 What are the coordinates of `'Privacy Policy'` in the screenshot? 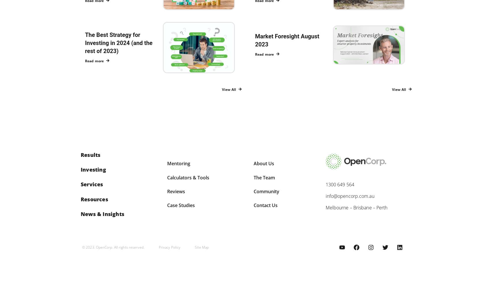 It's located at (169, 247).